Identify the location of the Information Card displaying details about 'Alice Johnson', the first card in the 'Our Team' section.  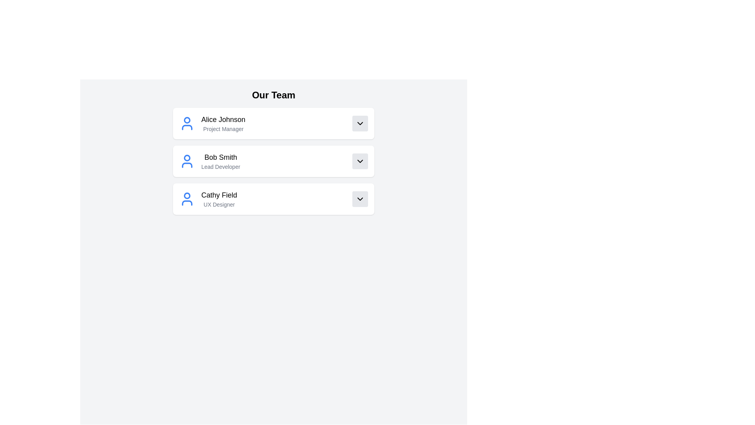
(212, 123).